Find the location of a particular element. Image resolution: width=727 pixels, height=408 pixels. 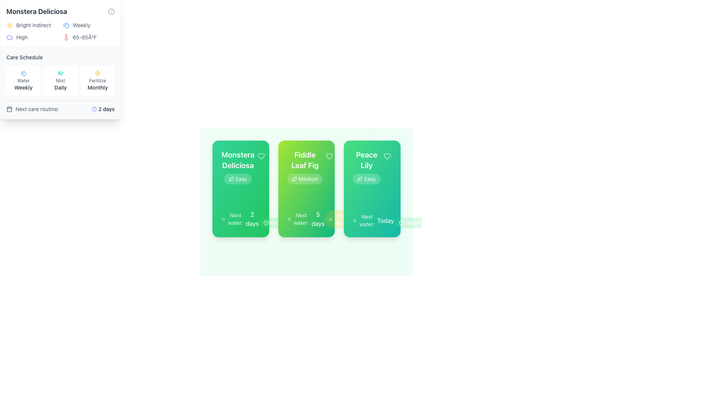

text 'Monstera Deliciosa' displayed in bold font and the badge 'Easy' located on the green background of the first card is located at coordinates (237, 167).